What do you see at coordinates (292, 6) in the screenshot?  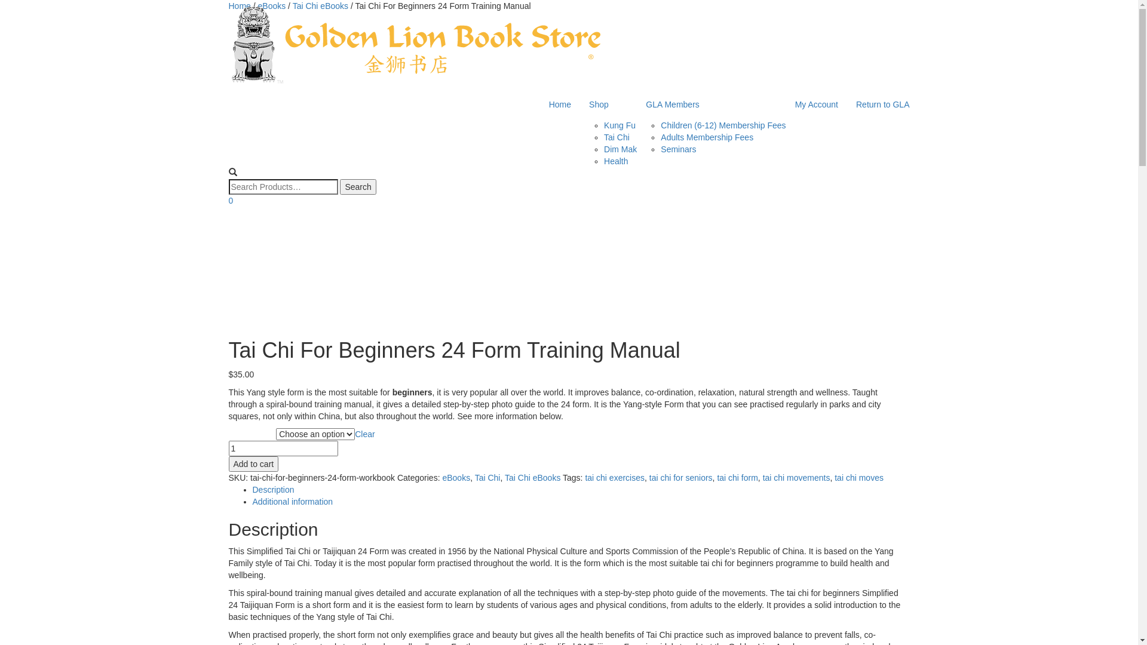 I see `'Tai Chi eBooks'` at bounding box center [292, 6].